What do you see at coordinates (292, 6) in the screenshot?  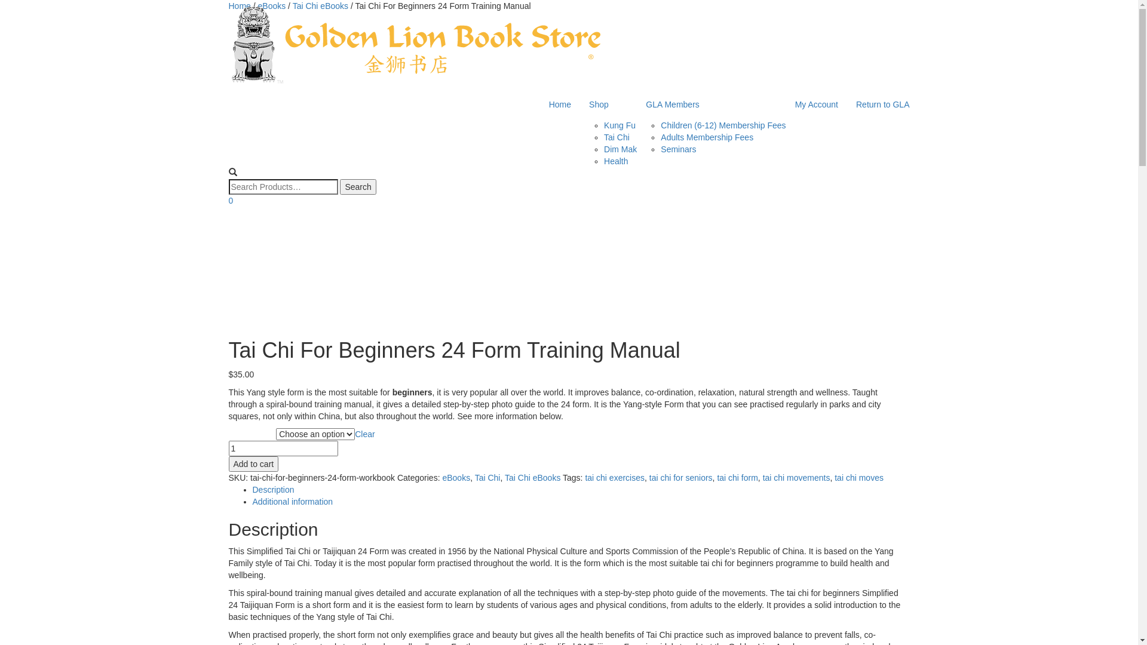 I see `'Tai Chi eBooks'` at bounding box center [292, 6].